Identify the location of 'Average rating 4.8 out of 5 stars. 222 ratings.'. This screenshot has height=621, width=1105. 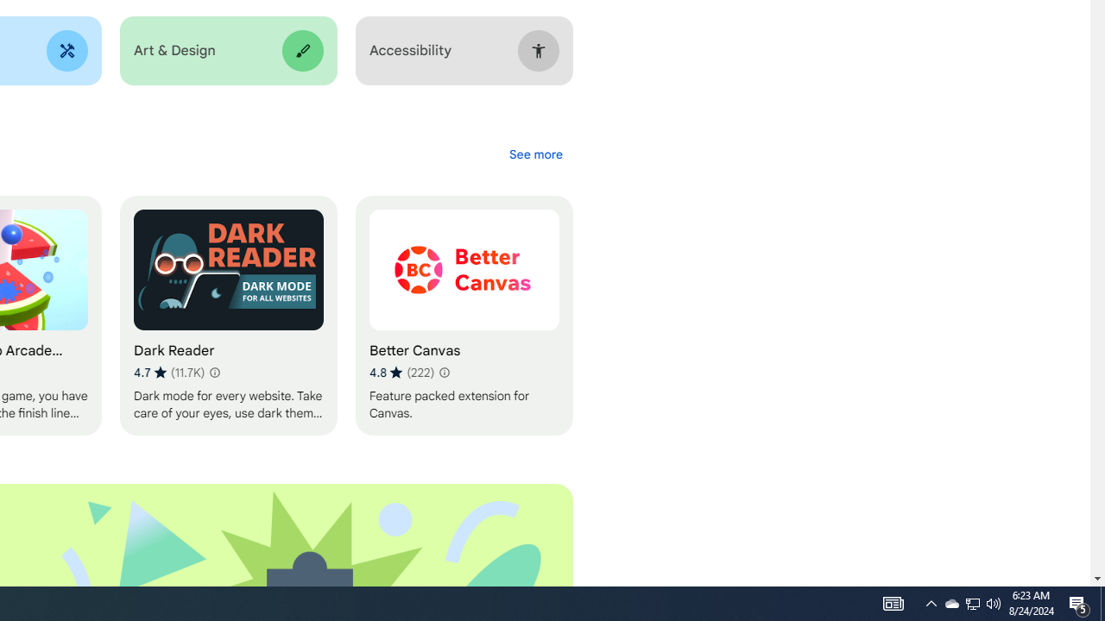
(401, 372).